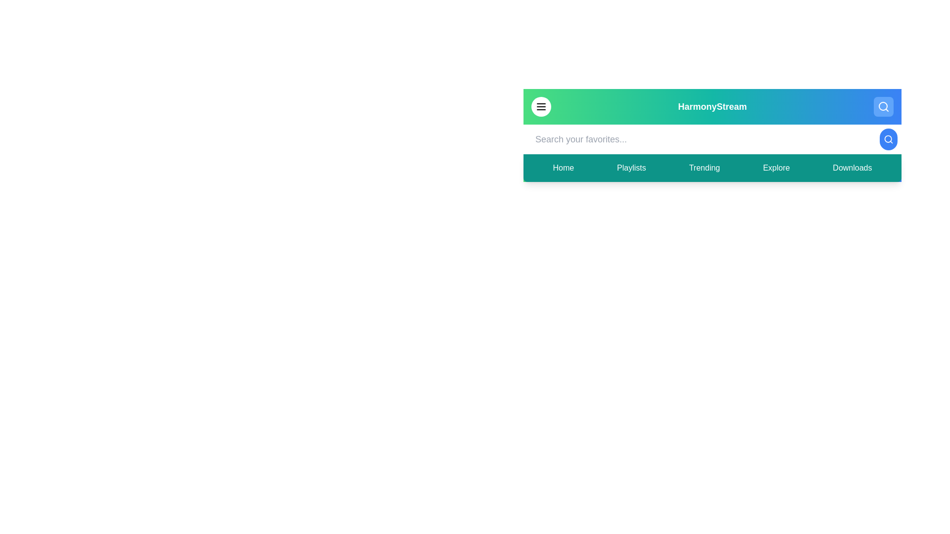 This screenshot has height=534, width=950. Describe the element at coordinates (563, 167) in the screenshot. I see `the navigation menu item corresponding to Home` at that location.